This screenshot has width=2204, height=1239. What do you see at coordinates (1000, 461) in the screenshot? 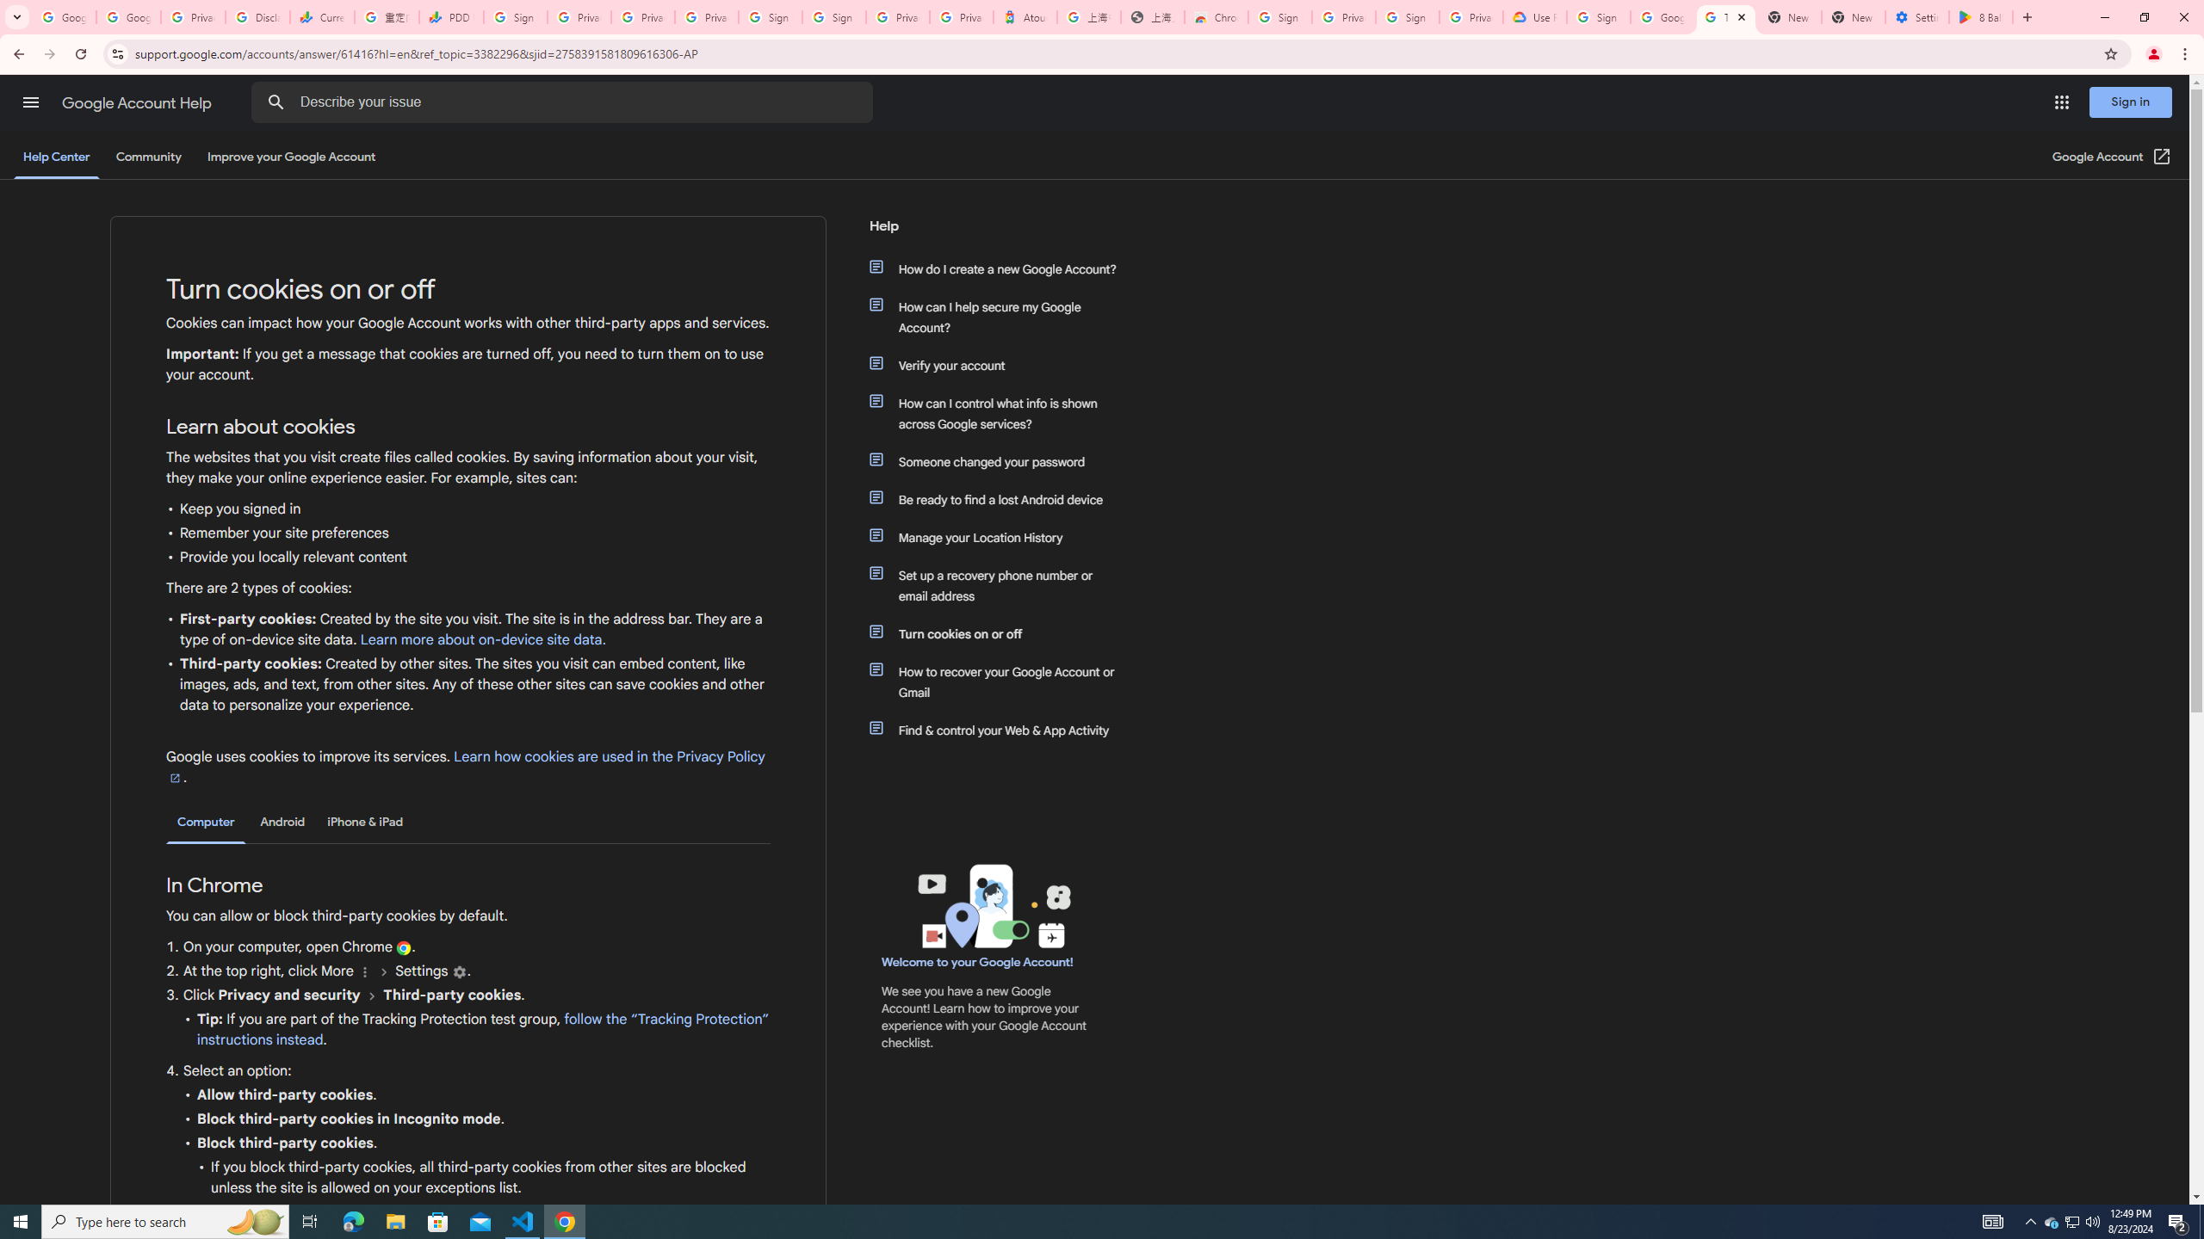
I see `'Someone changed your password'` at bounding box center [1000, 461].